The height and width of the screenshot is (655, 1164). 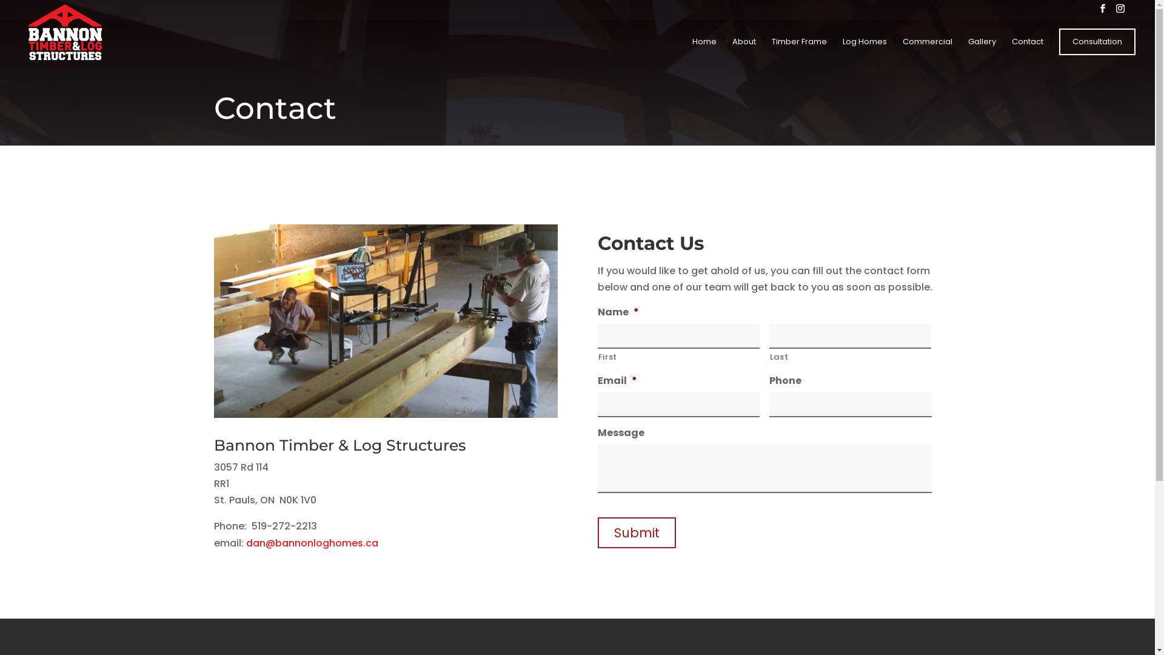 What do you see at coordinates (704, 50) in the screenshot?
I see `'Home'` at bounding box center [704, 50].